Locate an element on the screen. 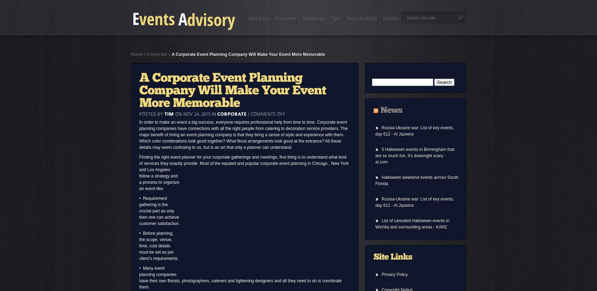 The image size is (597, 291). '•  Many event planning companies have their own florists, photographers, caterers and lightening designers and all they need to do is coordinate them.' is located at coordinates (139, 277).